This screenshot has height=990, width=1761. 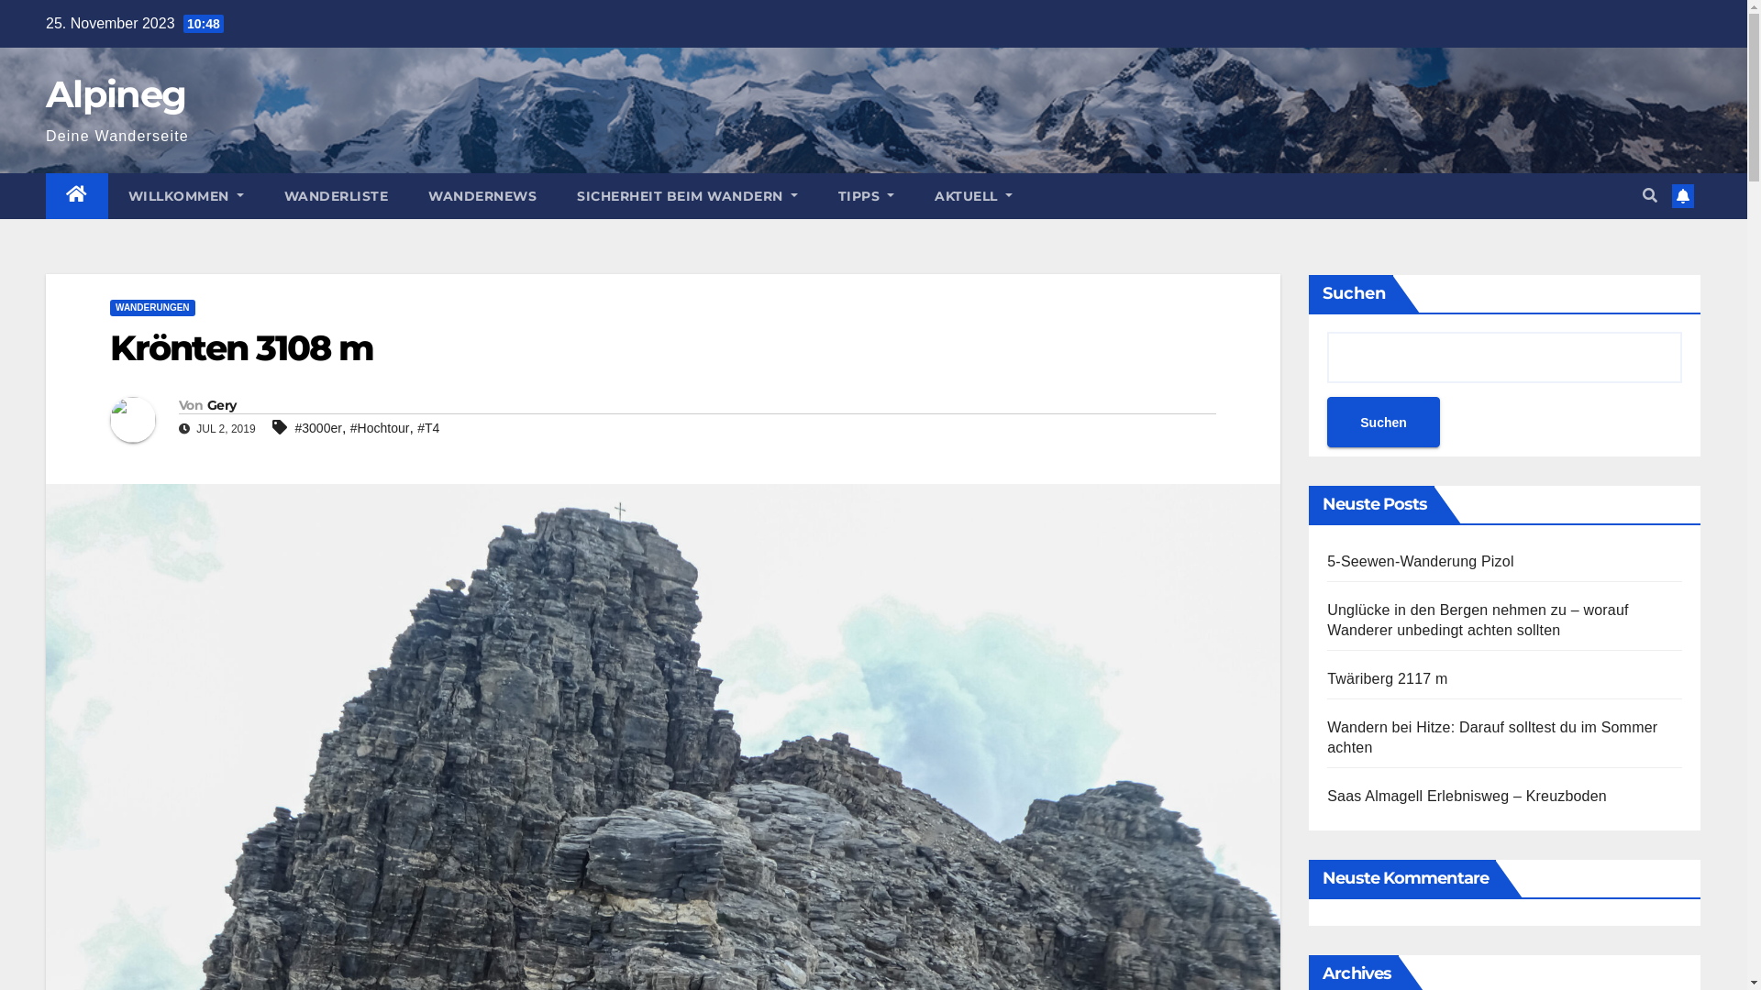 I want to click on '#T4', so click(x=416, y=427).